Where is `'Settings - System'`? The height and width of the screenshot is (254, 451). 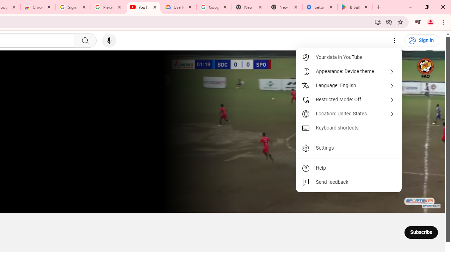
'Settings - System' is located at coordinates (319, 7).